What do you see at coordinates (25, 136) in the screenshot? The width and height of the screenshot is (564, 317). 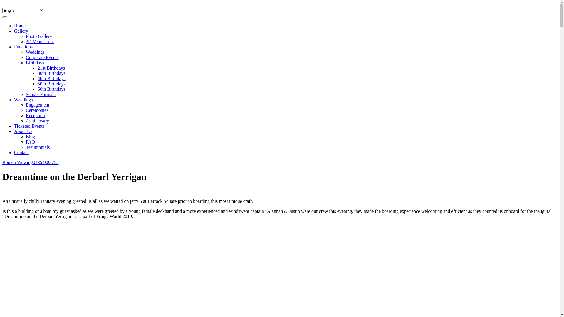 I see `'Blog'` at bounding box center [25, 136].